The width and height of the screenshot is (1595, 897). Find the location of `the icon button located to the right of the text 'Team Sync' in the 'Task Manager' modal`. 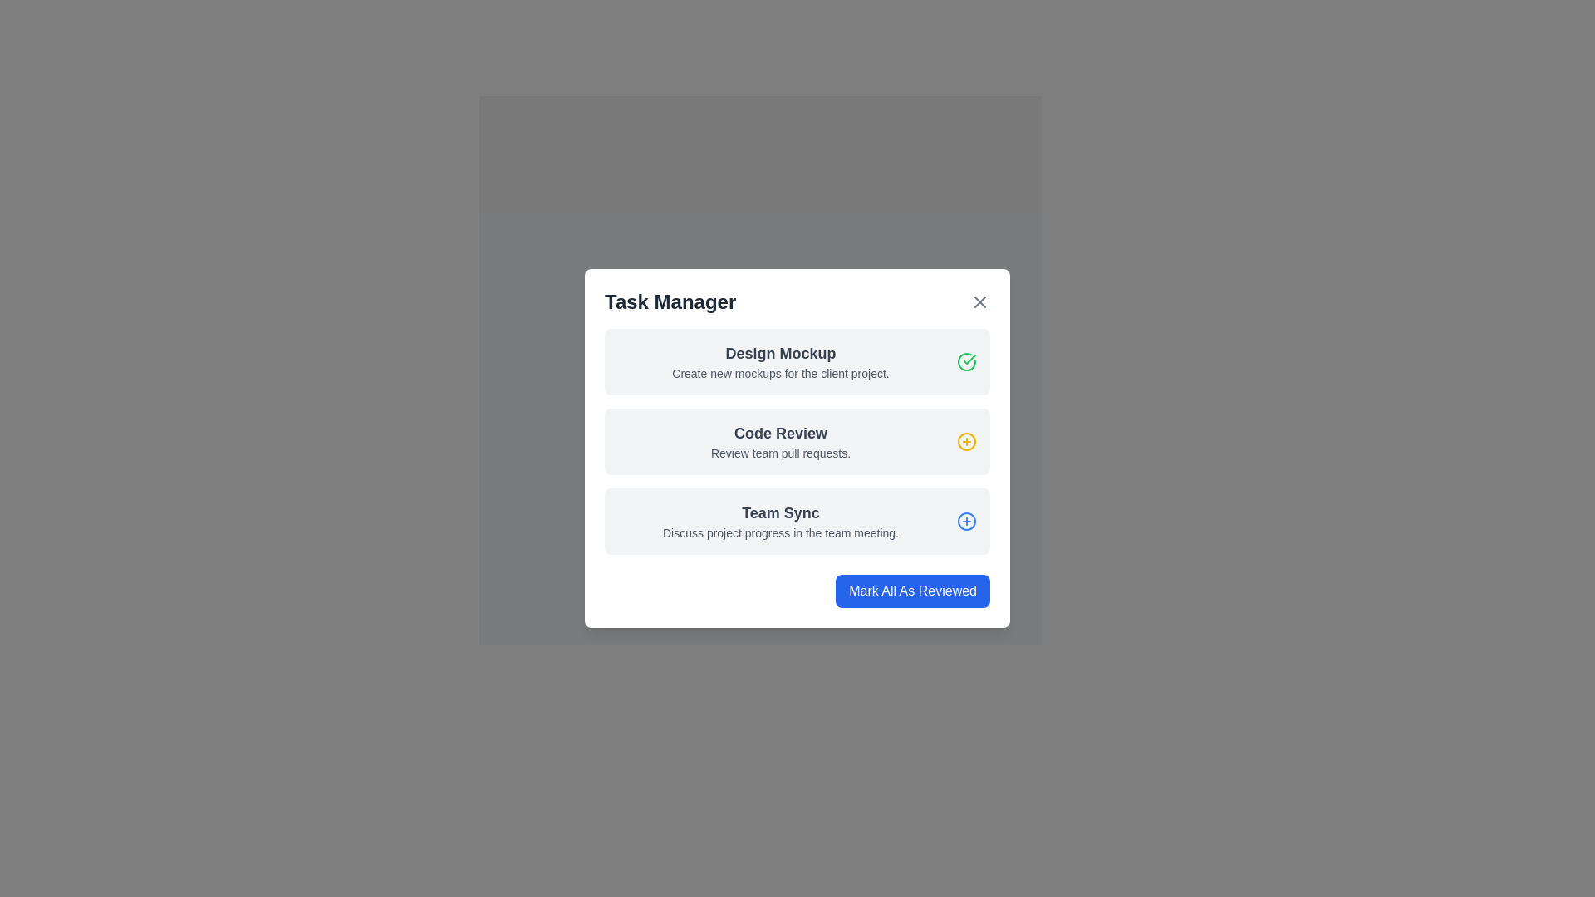

the icon button located to the right of the text 'Team Sync' in the 'Task Manager' modal is located at coordinates (966, 521).